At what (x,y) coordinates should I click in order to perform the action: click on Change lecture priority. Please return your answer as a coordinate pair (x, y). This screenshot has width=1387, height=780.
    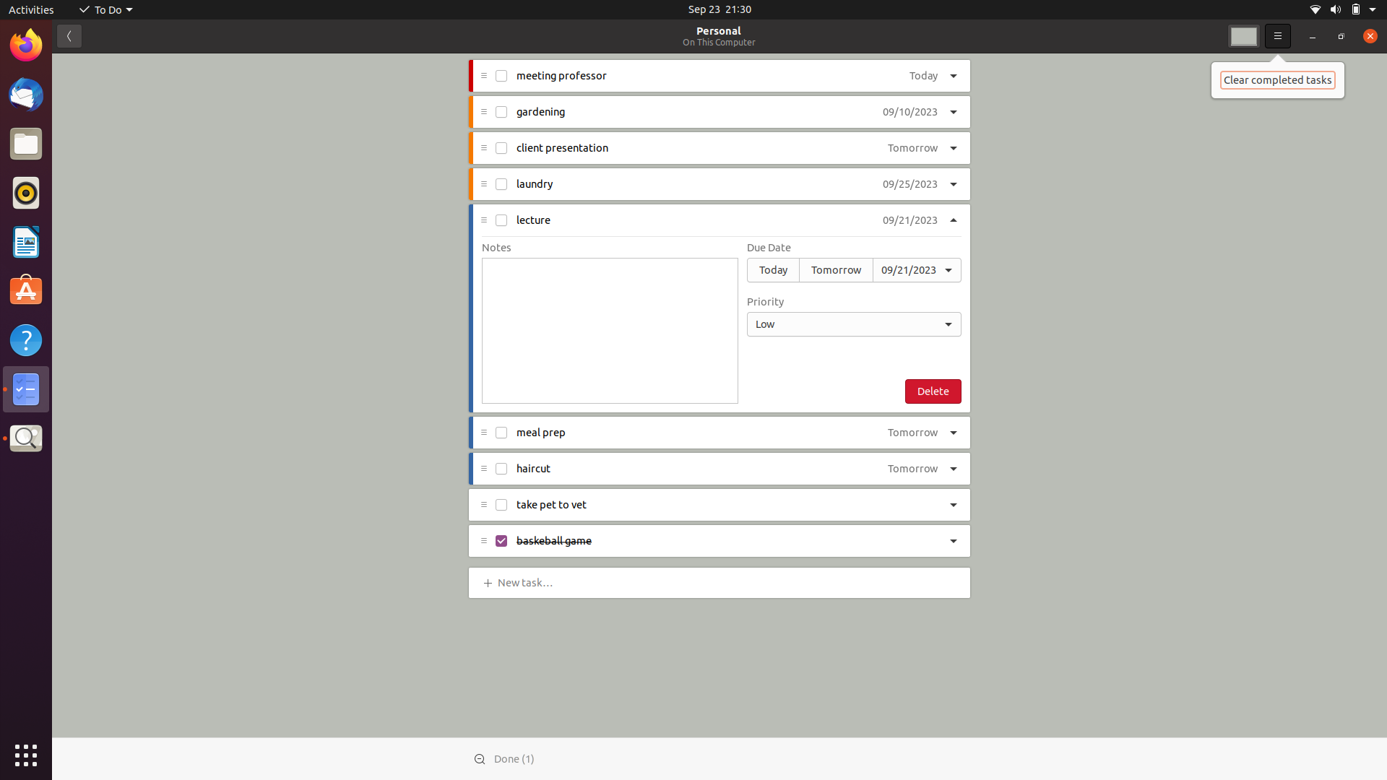
    Looking at the image, I should click on (854, 323).